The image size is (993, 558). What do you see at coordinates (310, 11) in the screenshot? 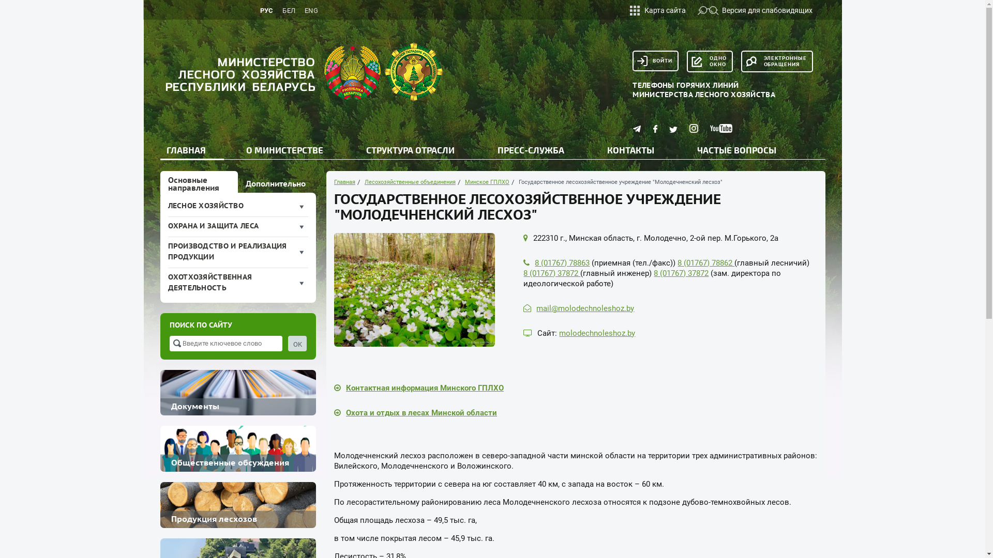
I see `'ENG'` at bounding box center [310, 11].